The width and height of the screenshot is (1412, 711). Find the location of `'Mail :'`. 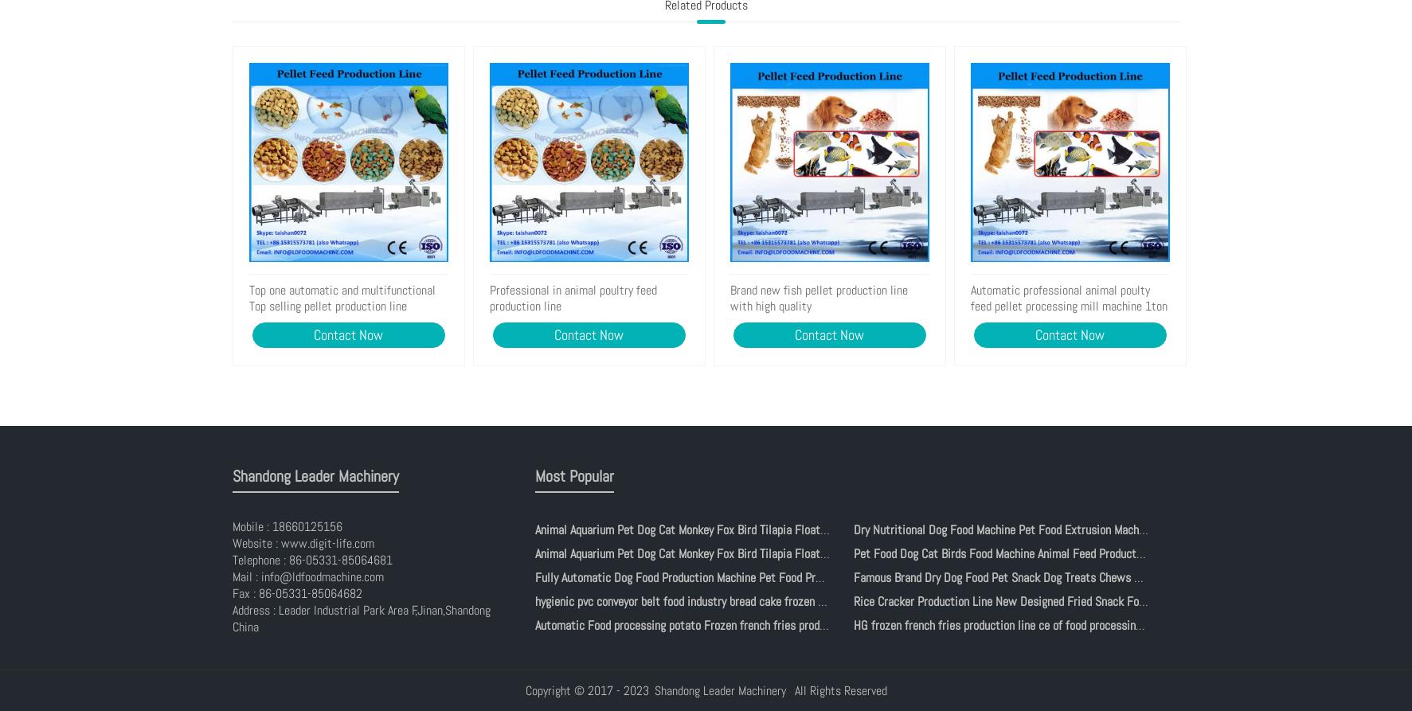

'Mail :' is located at coordinates (246, 576).